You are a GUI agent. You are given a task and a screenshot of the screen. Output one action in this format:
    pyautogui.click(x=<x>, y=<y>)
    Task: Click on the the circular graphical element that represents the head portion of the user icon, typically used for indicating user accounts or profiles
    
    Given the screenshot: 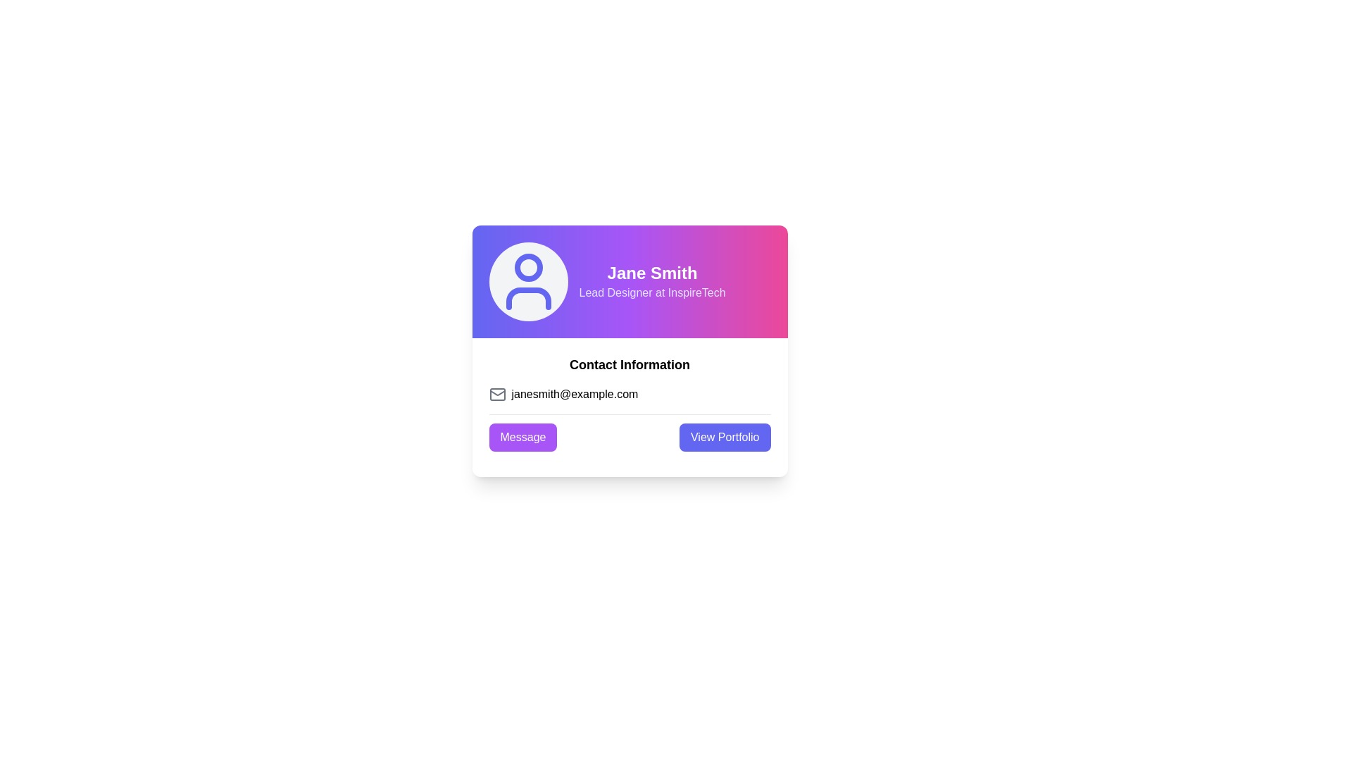 What is the action you would take?
    pyautogui.click(x=527, y=268)
    